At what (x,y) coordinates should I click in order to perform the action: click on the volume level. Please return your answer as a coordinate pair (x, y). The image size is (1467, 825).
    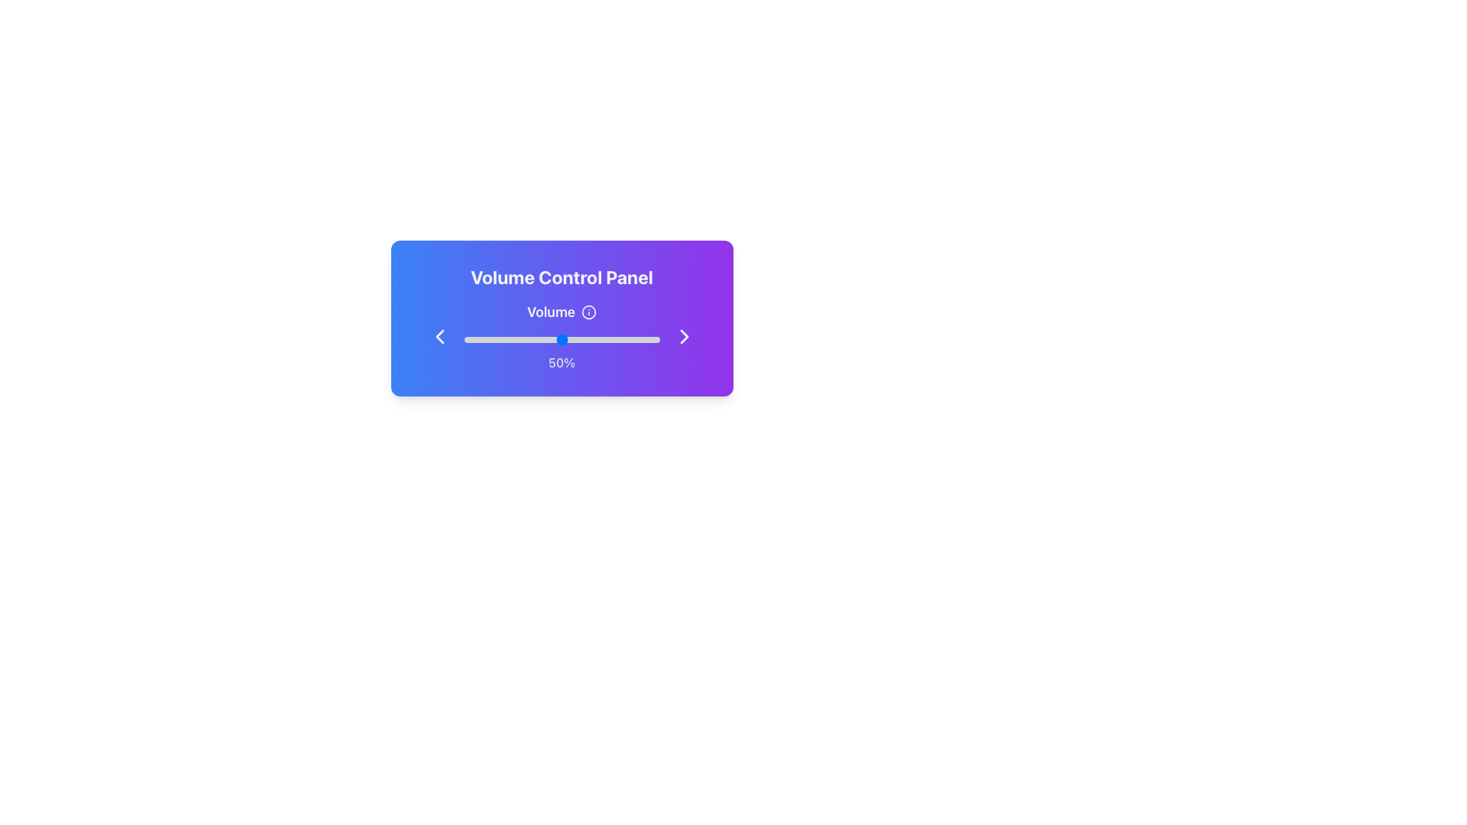
    Looking at the image, I should click on (551, 338).